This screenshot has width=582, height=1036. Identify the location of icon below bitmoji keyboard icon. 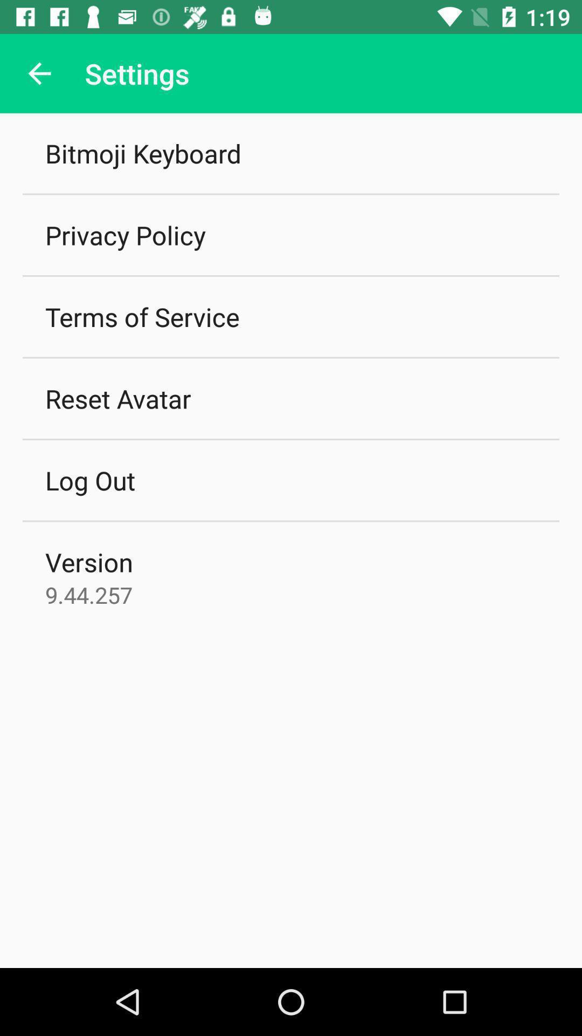
(124, 234).